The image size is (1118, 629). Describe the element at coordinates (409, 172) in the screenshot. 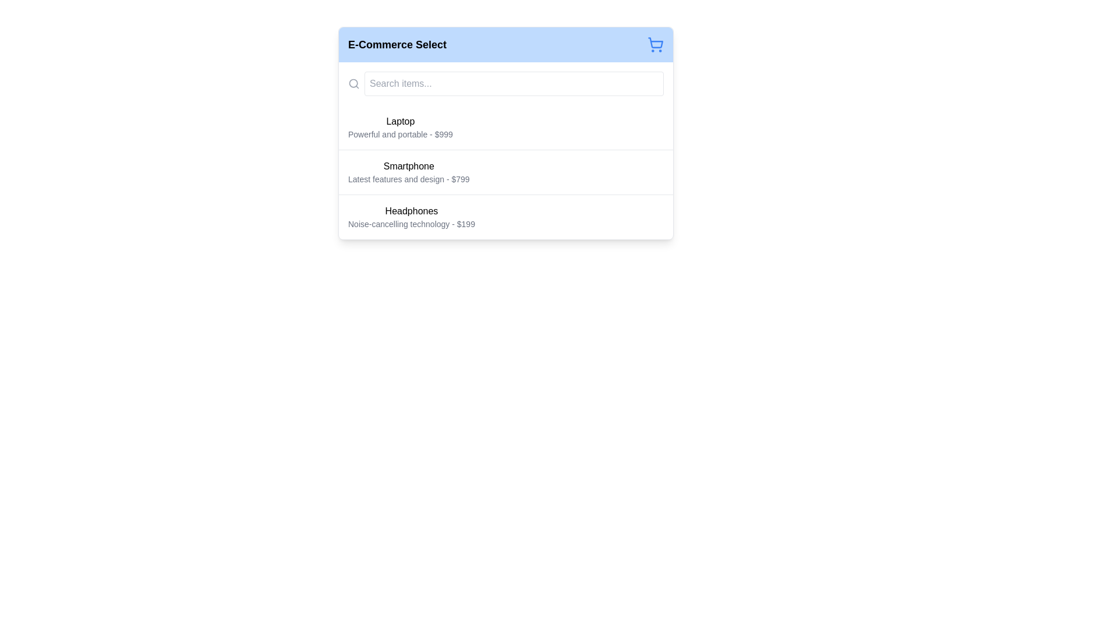

I see `the second item in the 'E-Commerce Select' dropdown menu, which represents a product in the list` at that location.